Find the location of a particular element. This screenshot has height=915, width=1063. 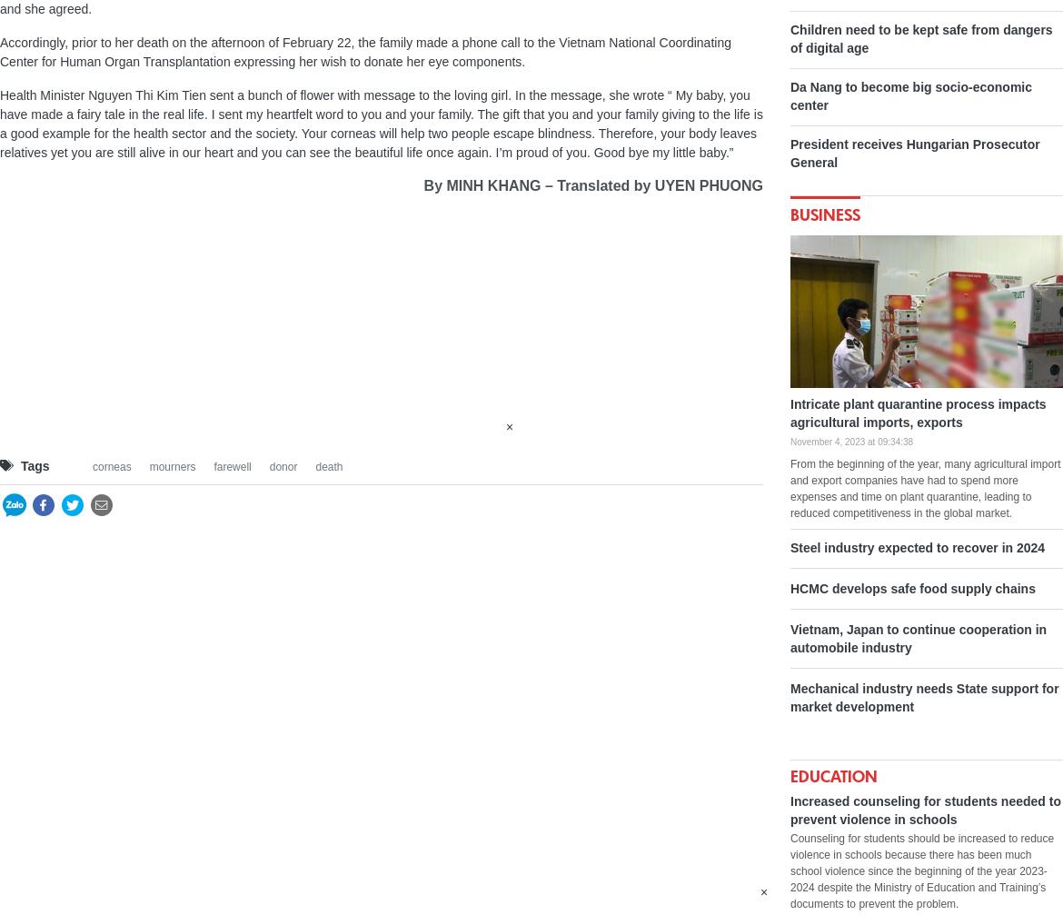

'Vietnam, Japan to continue cooperation in automobile industry' is located at coordinates (918, 637).